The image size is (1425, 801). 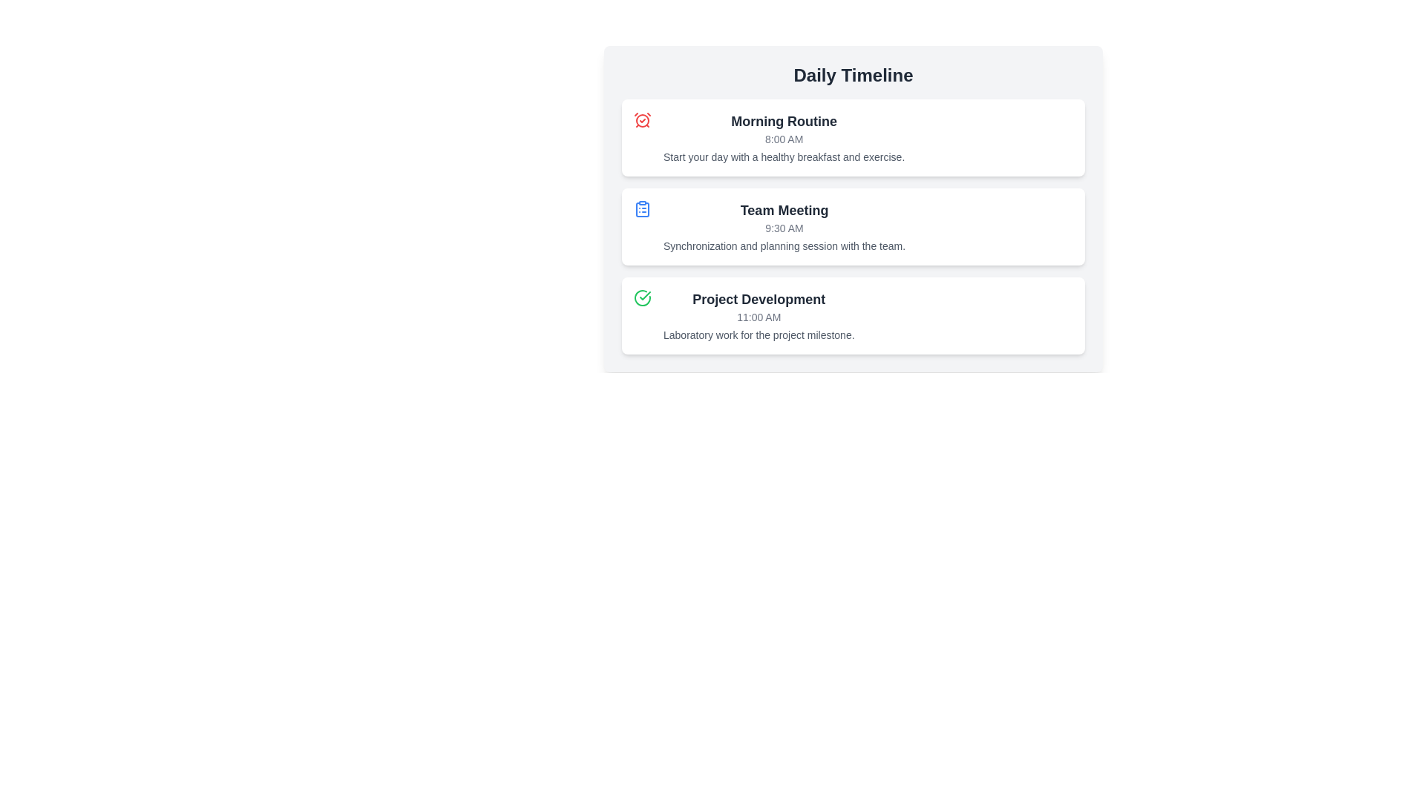 What do you see at coordinates (854, 137) in the screenshot?
I see `the first card in the Daily Timeline section, which features a white background, rounded corners, a red alarm clock icon, bold text 'Morning Routine', and a smaller description 'Start your day with a healthy breakfast and exercise.'` at bounding box center [854, 137].